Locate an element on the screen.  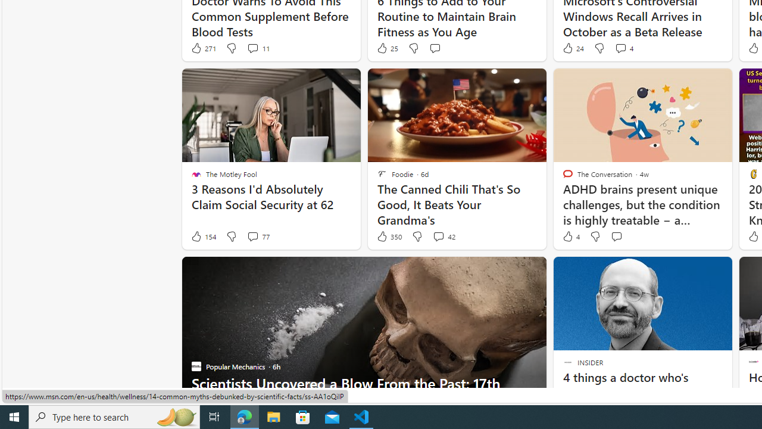
'View comments 77 Comment' is located at coordinates (257, 237).